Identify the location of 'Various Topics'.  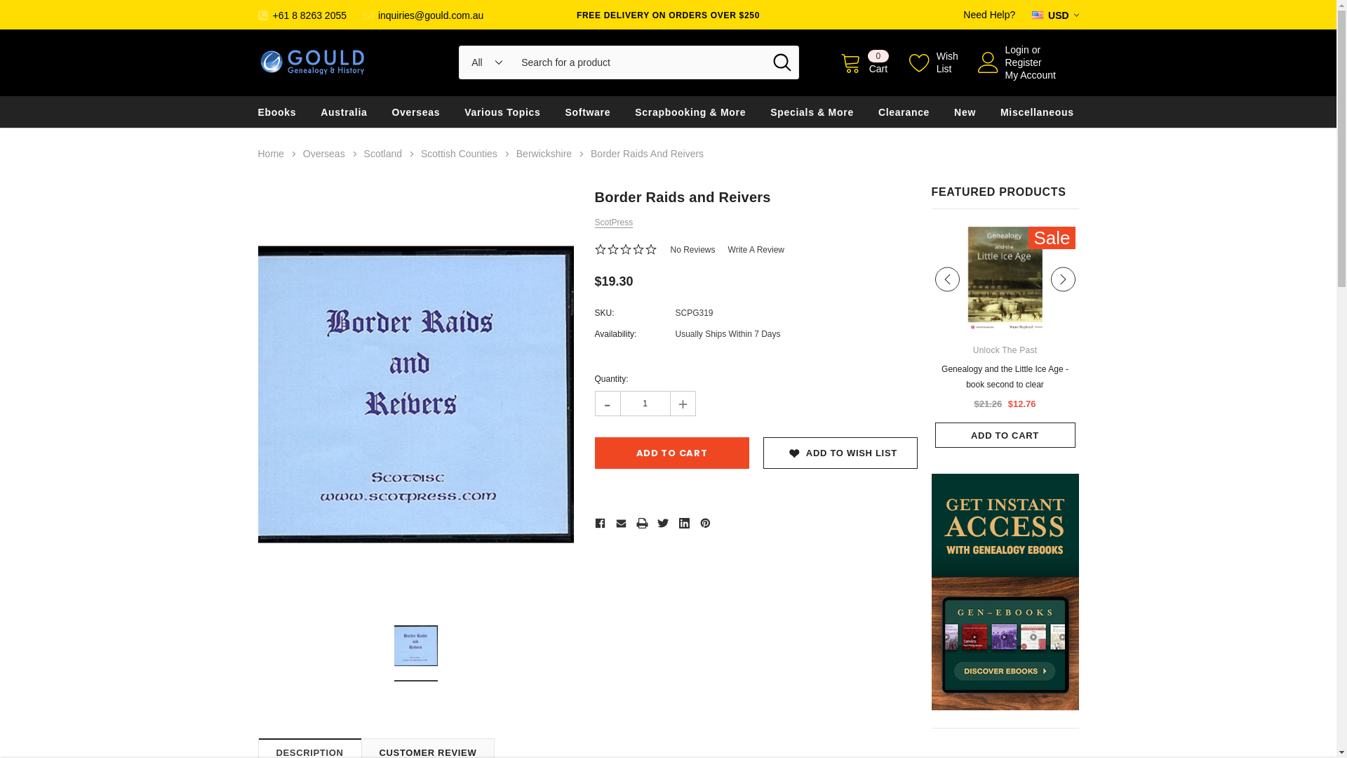
(464, 111).